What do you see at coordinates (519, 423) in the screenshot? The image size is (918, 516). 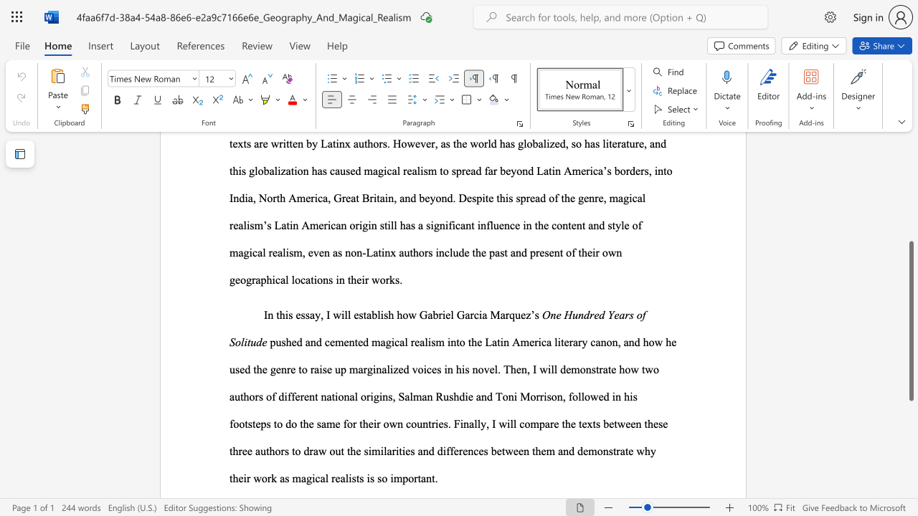 I see `the subset text "compare the texts between these three authors to draw out the similarities and di" within the text "to do the same for their own countries. Finally, I will compare the texts between these three authors to draw out the similarities and differences between them and"` at bounding box center [519, 423].